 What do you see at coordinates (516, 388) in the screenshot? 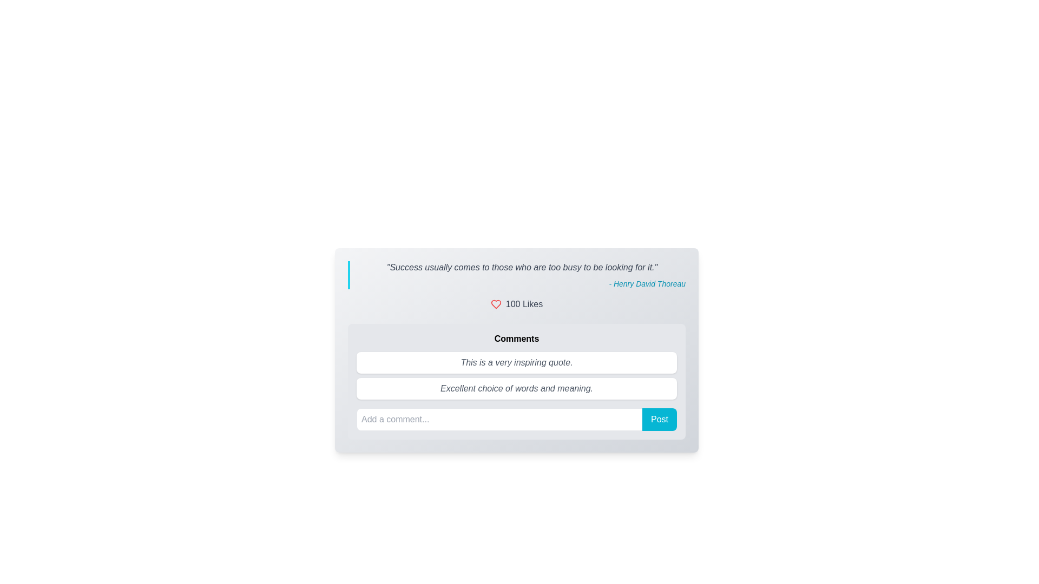
I see `text content of the static text box containing the message 'Excellent choice of words and meaning.' located below the first comment in the comment section` at bounding box center [516, 388].